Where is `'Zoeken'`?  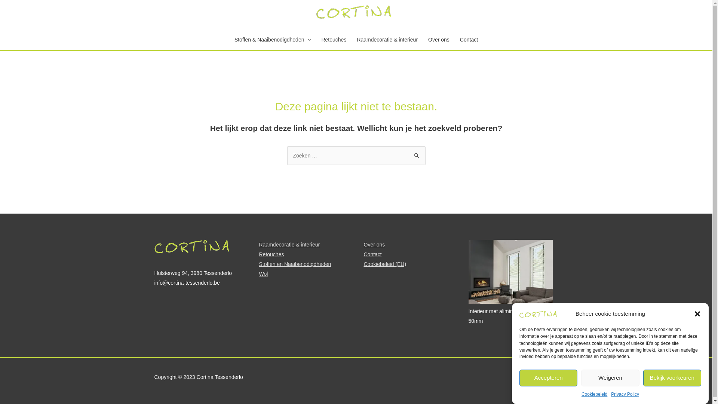 'Zoeken' is located at coordinates (416, 153).